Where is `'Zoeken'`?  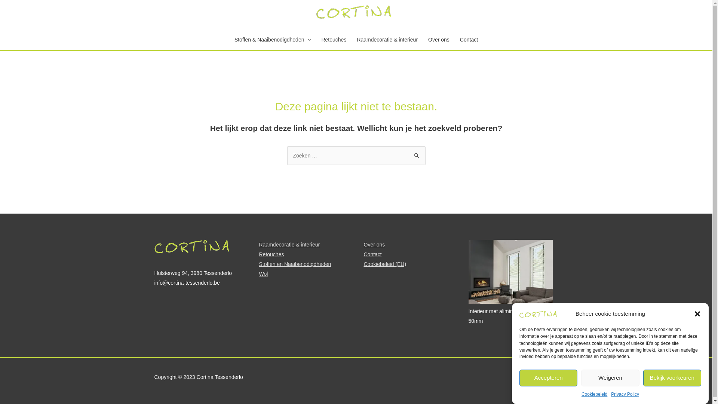 'Zoeken' is located at coordinates (416, 153).